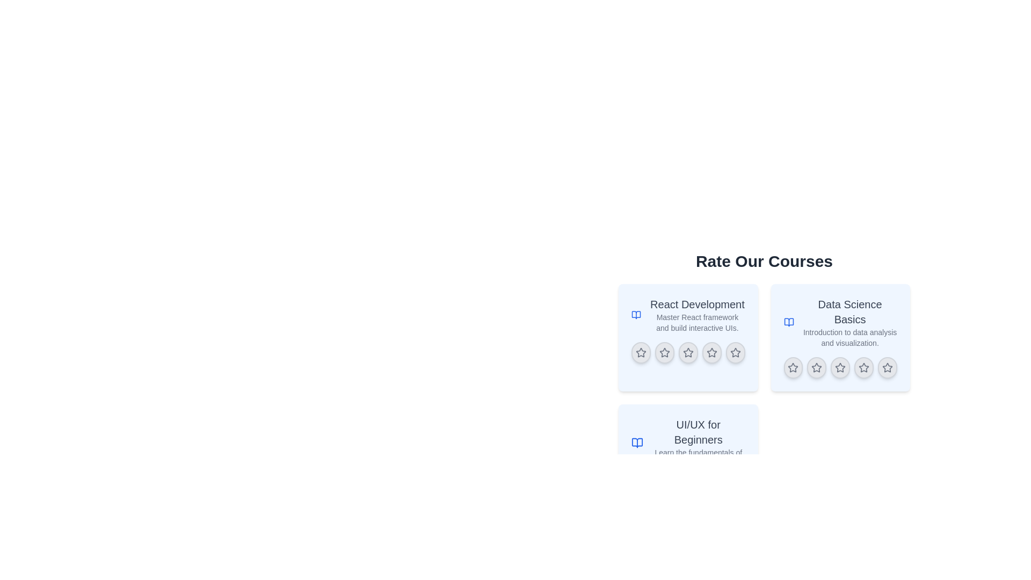  I want to click on the circular button with a light gray background and a darker gray star icon, so click(888, 367).